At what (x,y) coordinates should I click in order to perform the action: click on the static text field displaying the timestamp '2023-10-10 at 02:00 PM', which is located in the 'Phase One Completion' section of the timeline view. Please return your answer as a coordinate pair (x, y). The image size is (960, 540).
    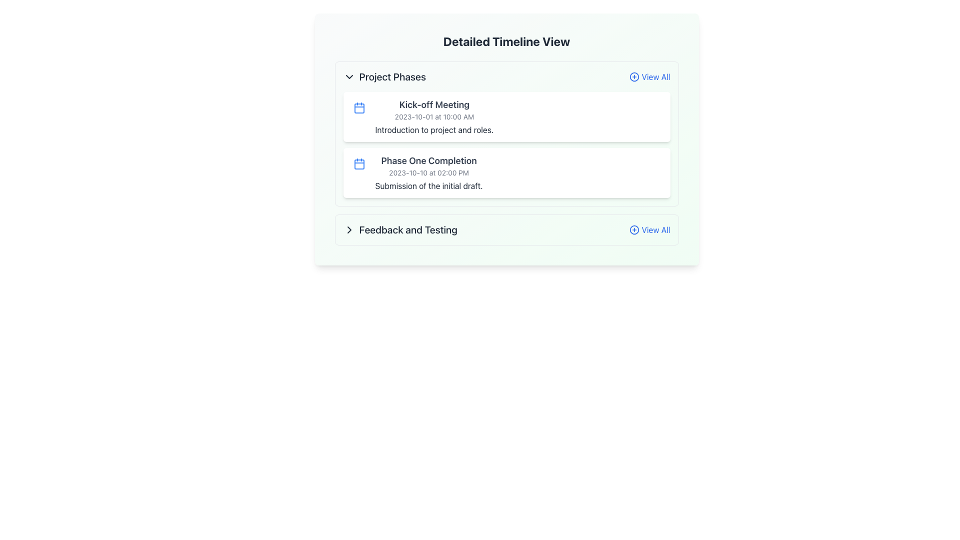
    Looking at the image, I should click on (429, 172).